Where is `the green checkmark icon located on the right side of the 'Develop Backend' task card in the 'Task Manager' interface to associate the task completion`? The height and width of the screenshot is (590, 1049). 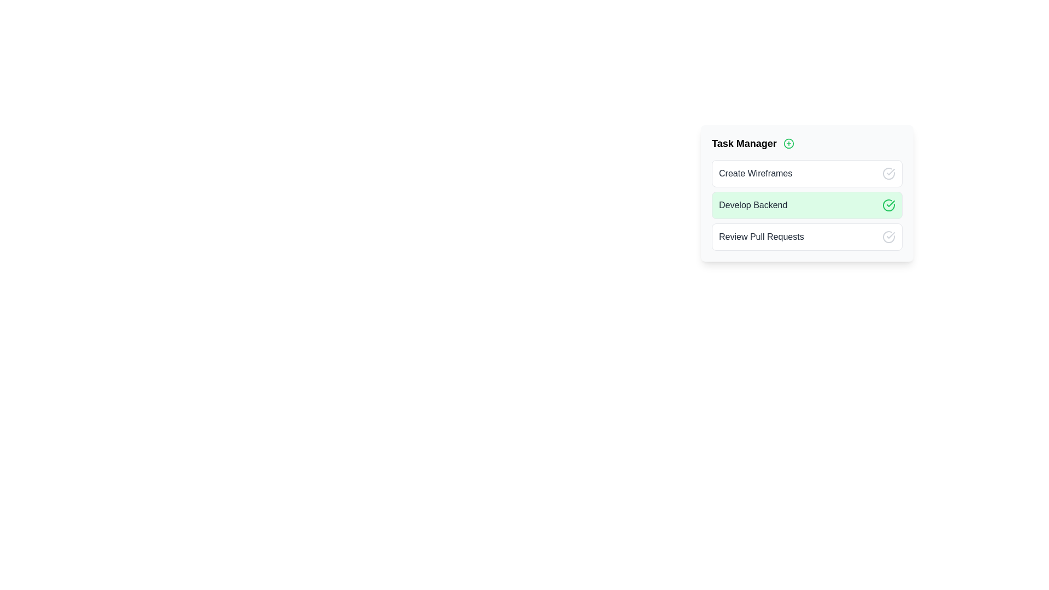
the green checkmark icon located on the right side of the 'Develop Backend' task card in the 'Task Manager' interface to associate the task completion is located at coordinates (891, 204).